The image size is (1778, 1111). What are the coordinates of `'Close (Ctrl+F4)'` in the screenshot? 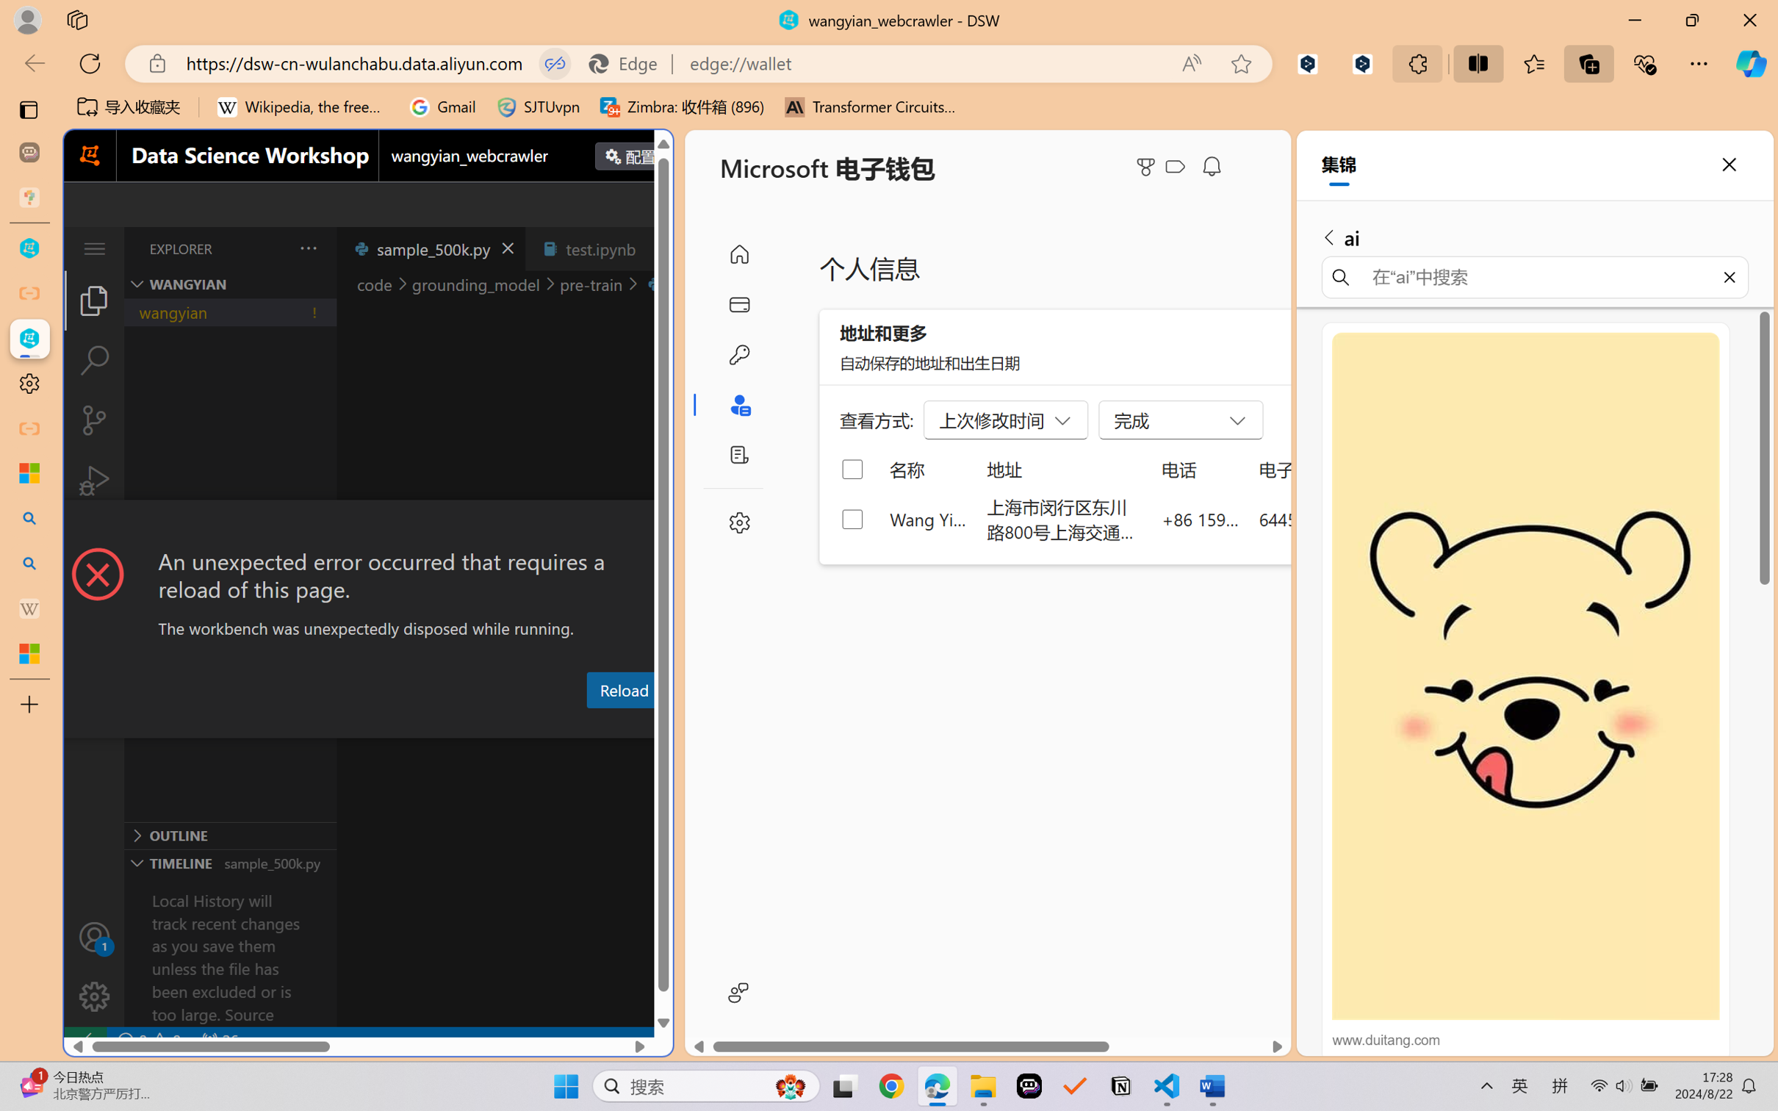 It's located at (655, 248).